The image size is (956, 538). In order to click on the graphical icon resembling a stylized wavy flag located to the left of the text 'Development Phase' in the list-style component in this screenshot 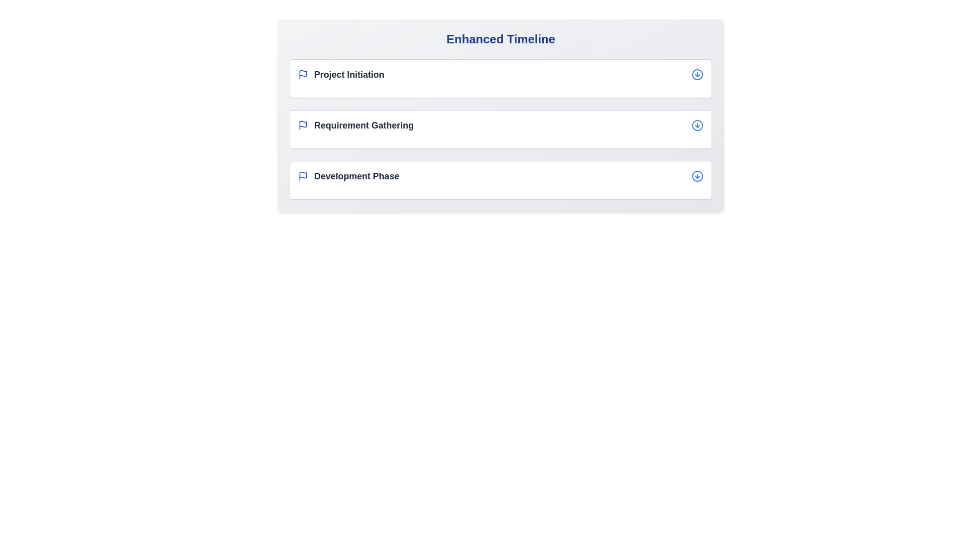, I will do `click(303, 174)`.